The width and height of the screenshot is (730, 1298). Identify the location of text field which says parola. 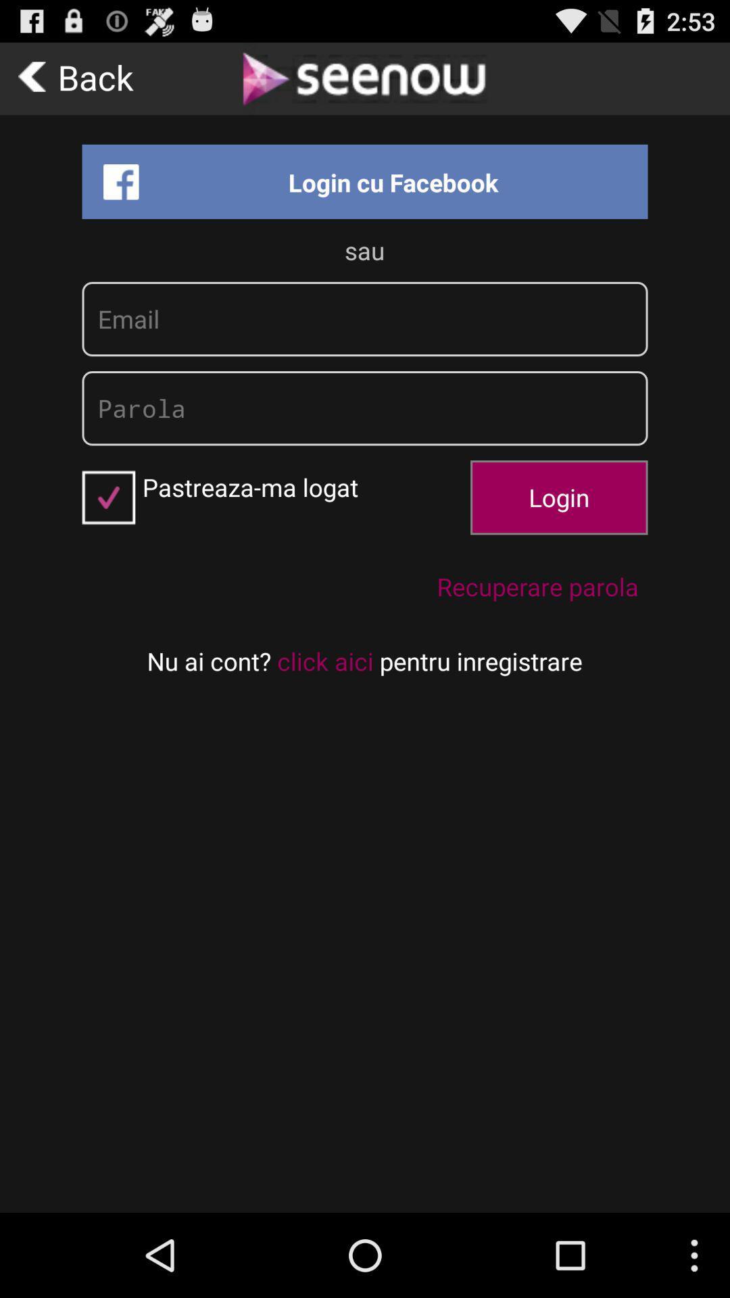
(365, 408).